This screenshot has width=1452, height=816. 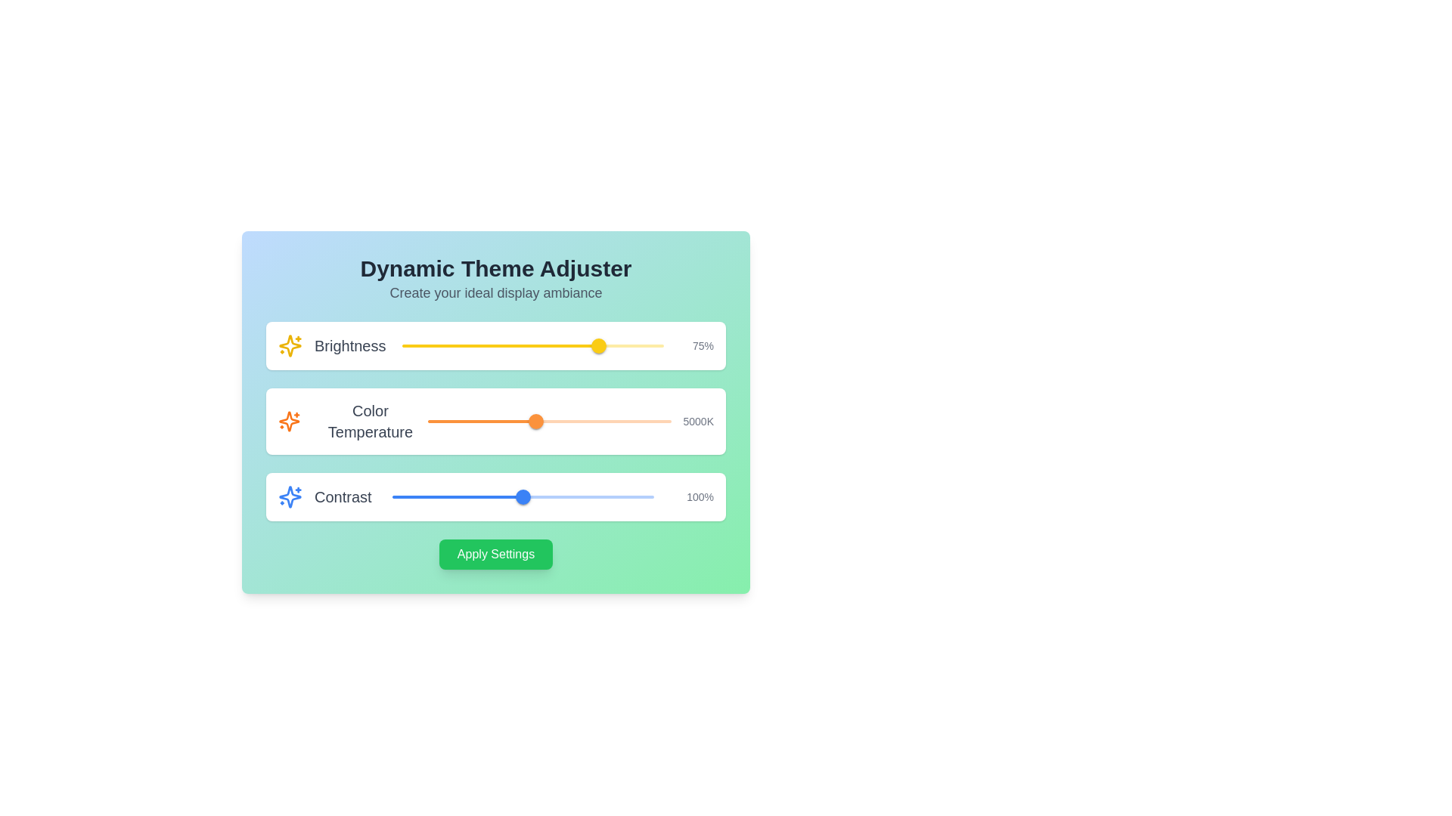 What do you see at coordinates (475, 497) in the screenshot?
I see `the contrast level` at bounding box center [475, 497].